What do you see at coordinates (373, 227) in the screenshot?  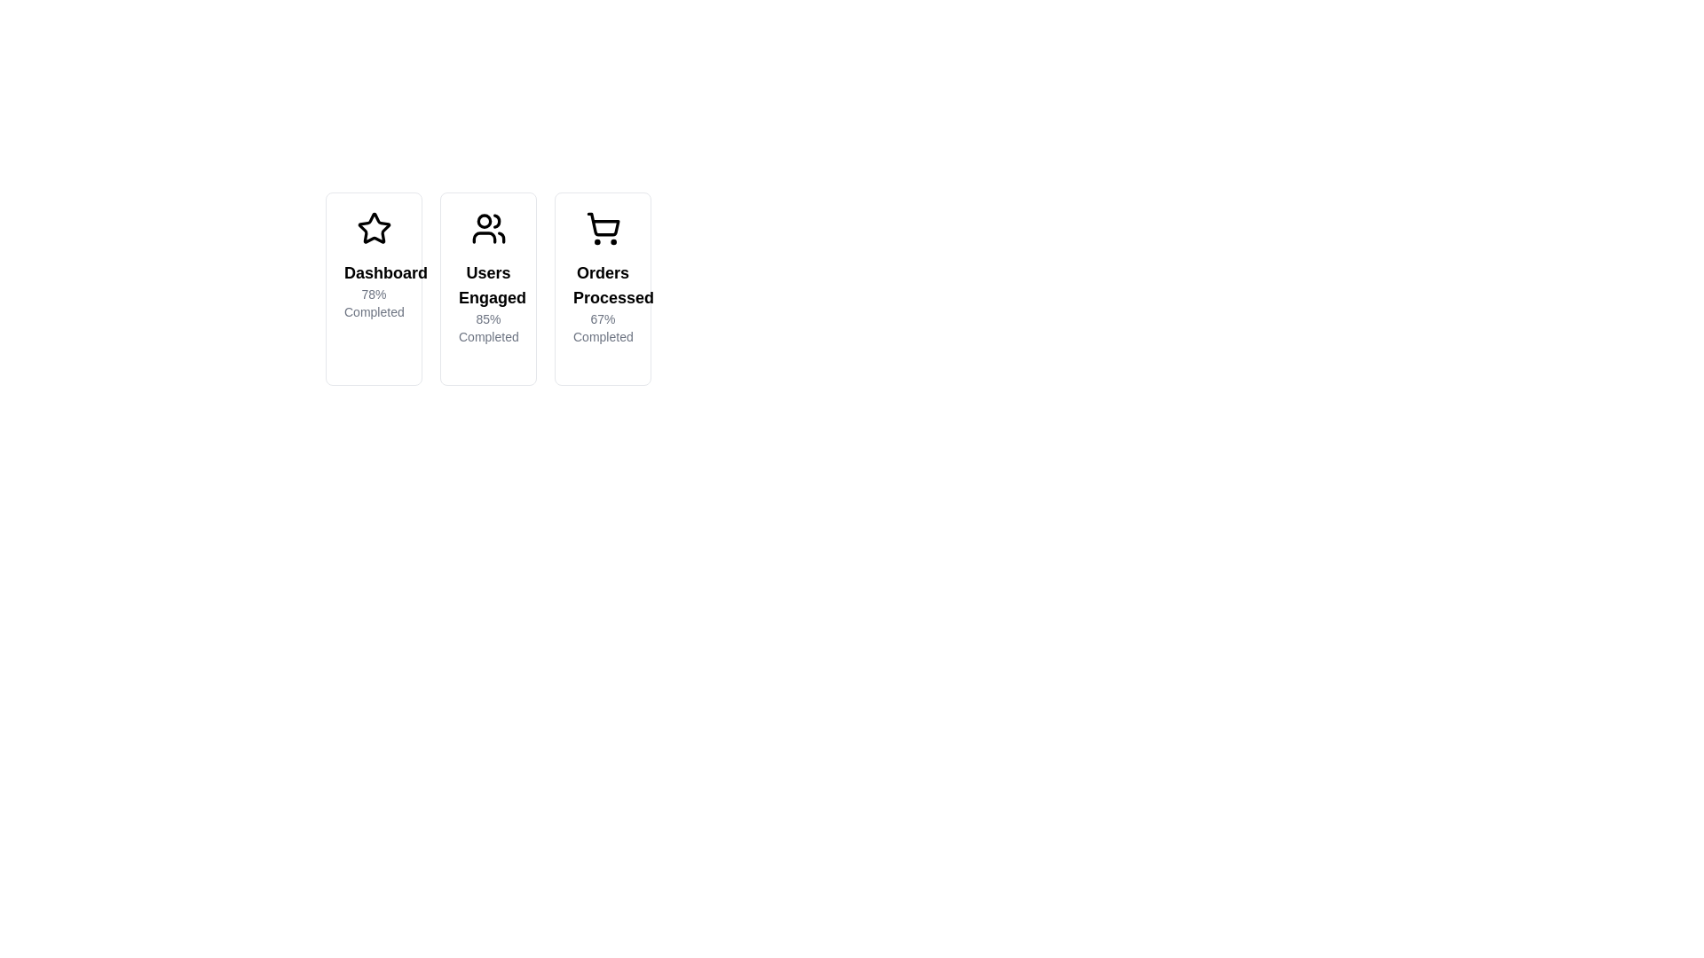 I see `the star-shaped yellow icon with a hollow center located at the top-center of the 'Dashboard' card` at bounding box center [373, 227].